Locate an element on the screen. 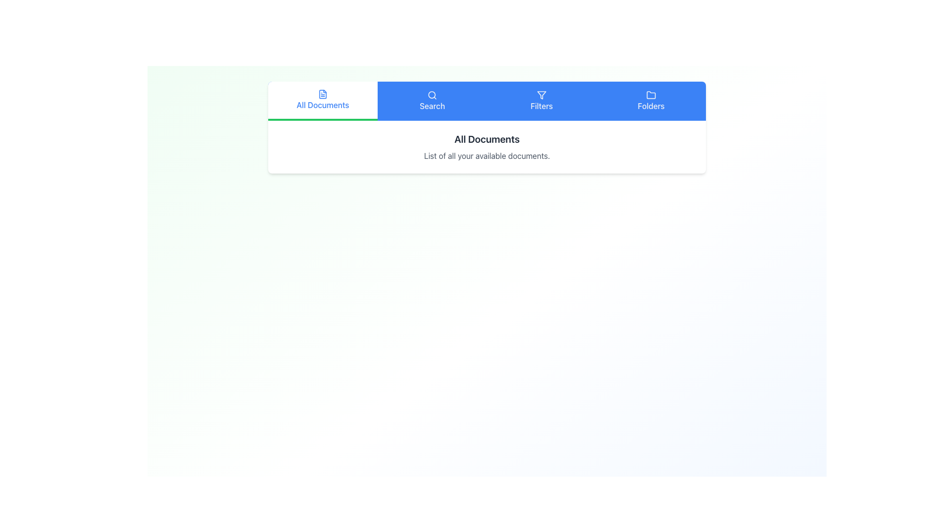 This screenshot has height=528, width=938. the 'Filters' button, which is labeled with white text and a funnel icon on a blue background, located is located at coordinates (541, 101).